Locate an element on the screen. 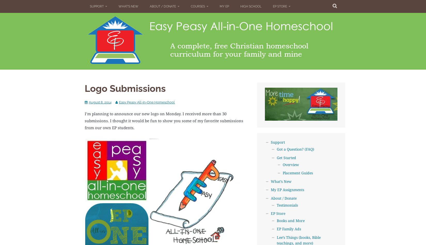 The image size is (426, 245). 'Overview' is located at coordinates (290, 165).